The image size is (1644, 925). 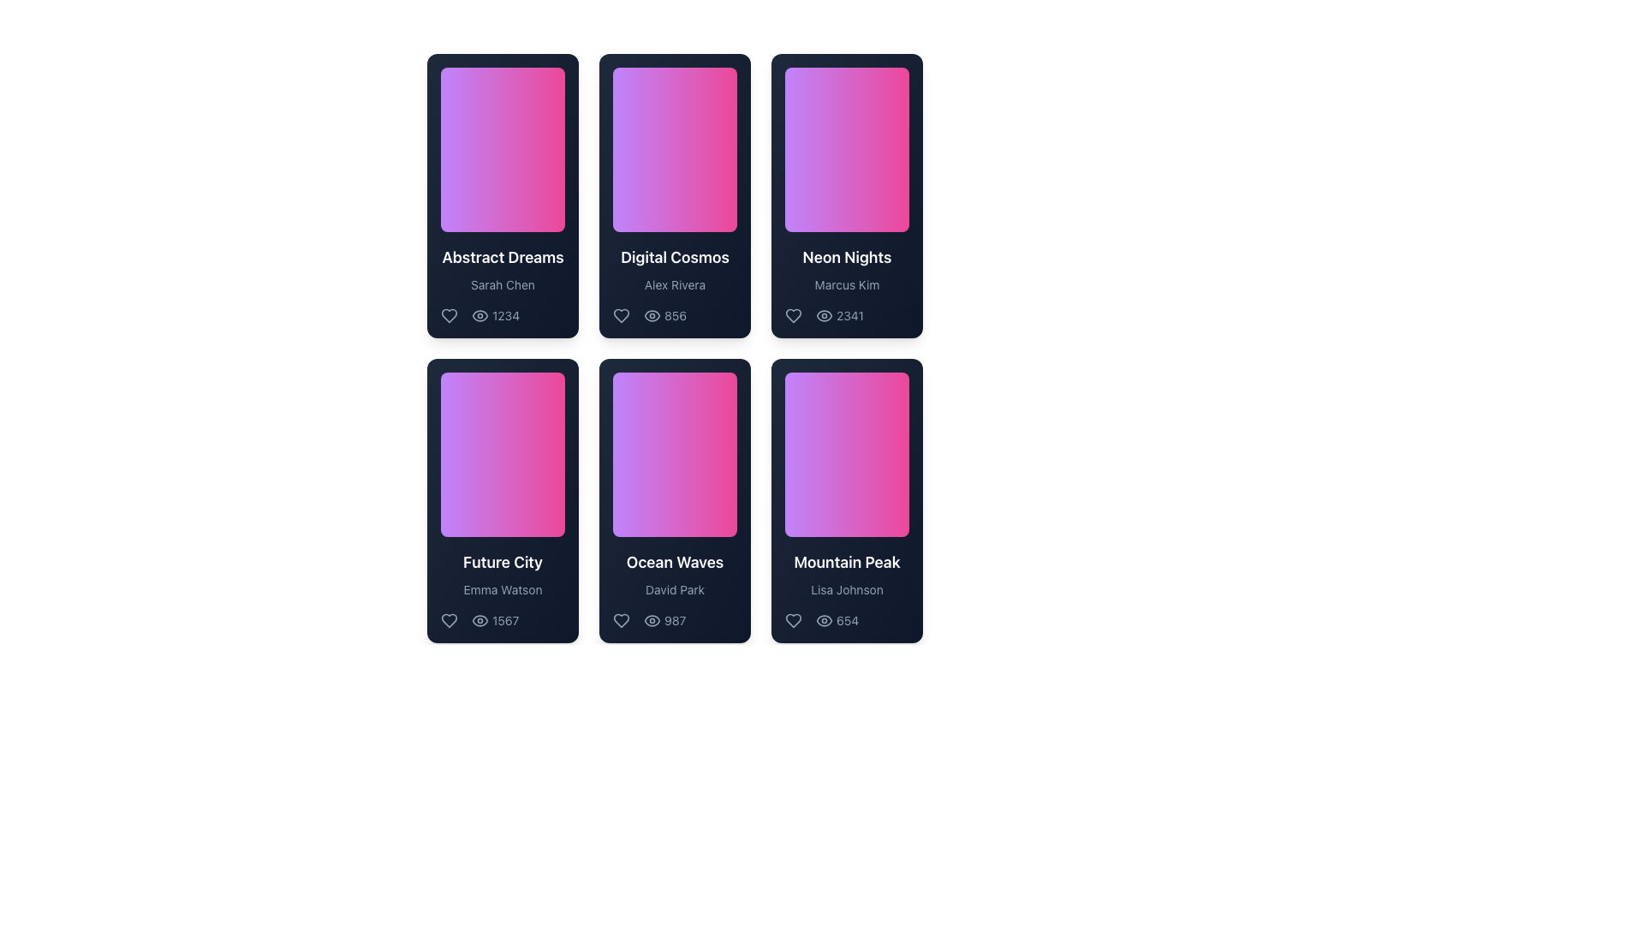 I want to click on the text label displaying 'Sarah Chen' located at the bottom of the 'Abstract Dreams' card, which has a dark-themed gradient background and rounded corners, so click(x=502, y=283).